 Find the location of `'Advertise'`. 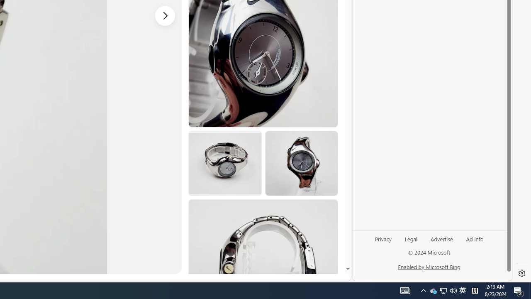

'Advertise' is located at coordinates (441, 238).